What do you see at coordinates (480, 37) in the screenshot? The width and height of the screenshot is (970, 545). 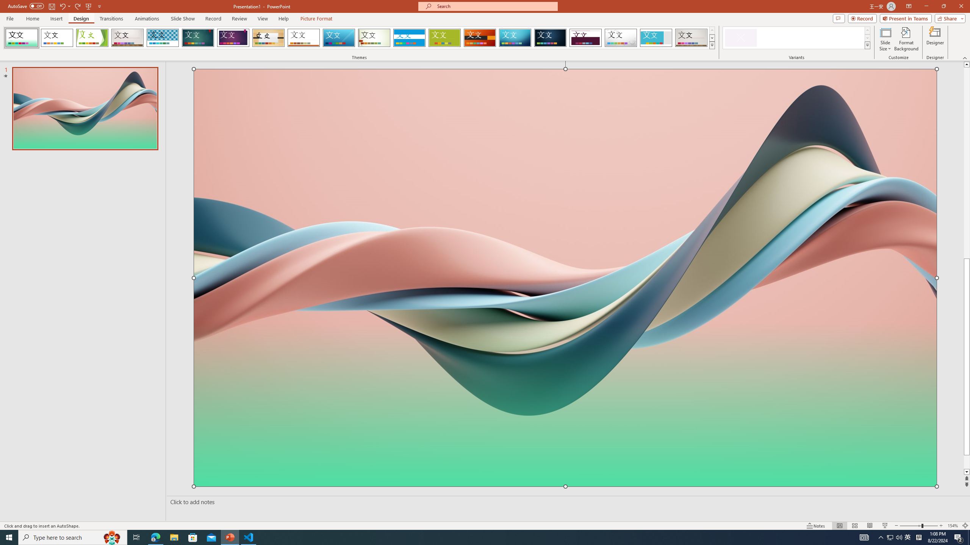 I see `'Berlin'` at bounding box center [480, 37].